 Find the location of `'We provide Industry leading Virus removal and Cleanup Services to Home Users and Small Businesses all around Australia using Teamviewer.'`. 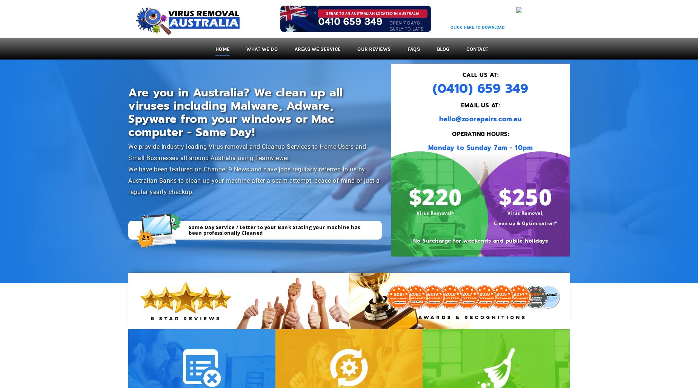

'We provide Industry leading Virus removal and Cleanup Services to Home Users and Small Businesses all around Australia using Teamviewer.' is located at coordinates (247, 152).